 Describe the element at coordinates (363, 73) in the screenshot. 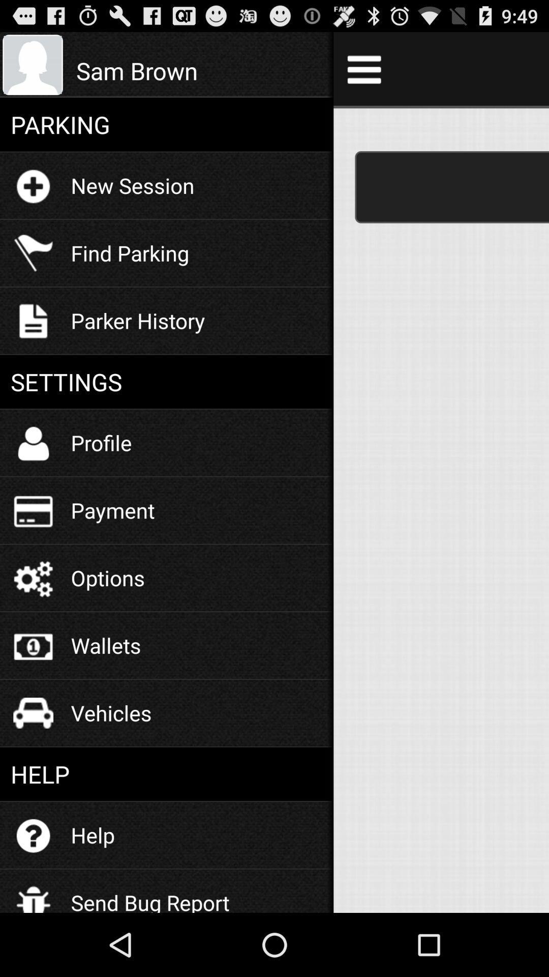

I see `the menu icon` at that location.